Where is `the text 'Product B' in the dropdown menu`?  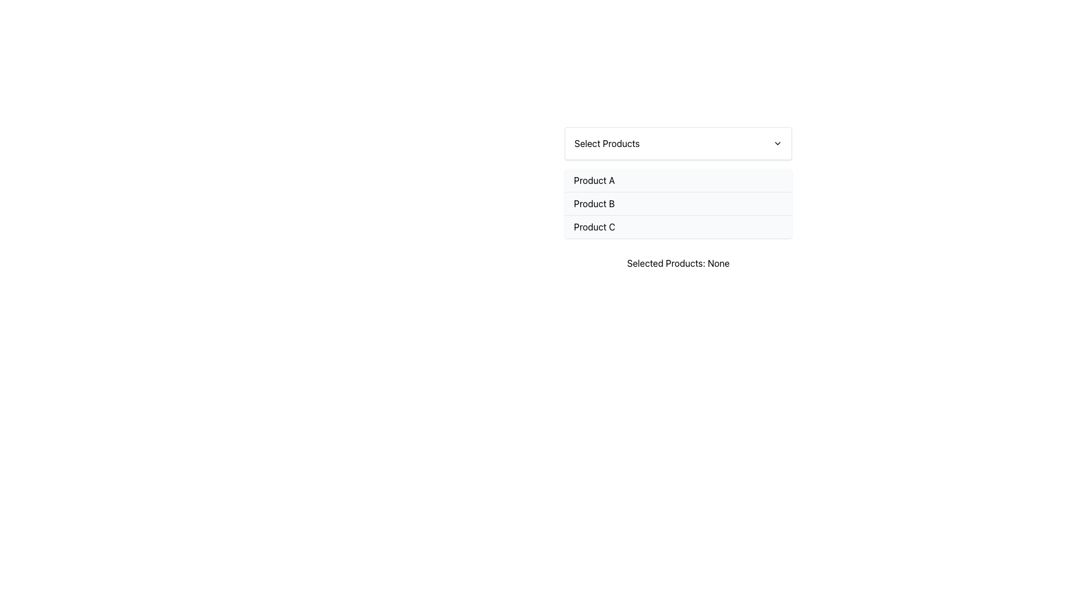
the text 'Product B' in the dropdown menu is located at coordinates (593, 203).